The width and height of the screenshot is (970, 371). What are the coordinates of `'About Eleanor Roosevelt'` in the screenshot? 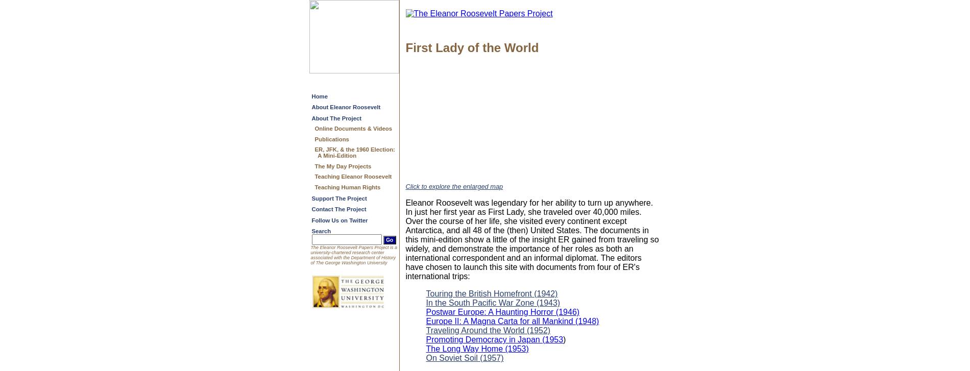 It's located at (346, 107).